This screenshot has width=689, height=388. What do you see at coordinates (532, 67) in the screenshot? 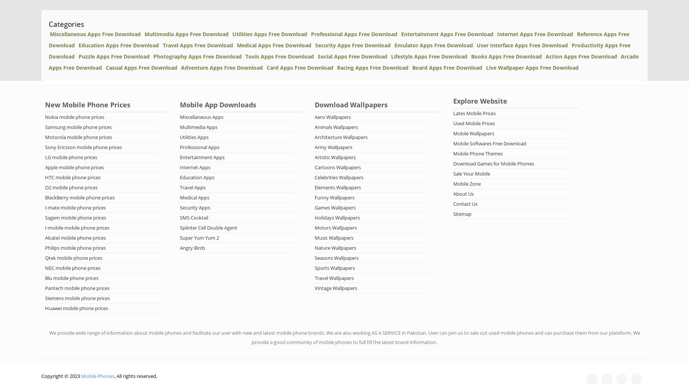
I see `'Live Wallpaper Apps Free Download'` at bounding box center [532, 67].